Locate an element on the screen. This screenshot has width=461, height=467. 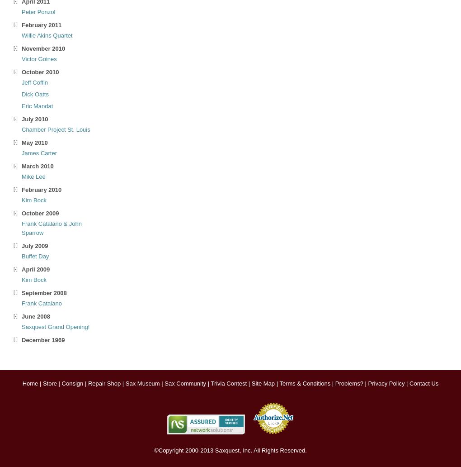
'Site Map' is located at coordinates (251, 383).